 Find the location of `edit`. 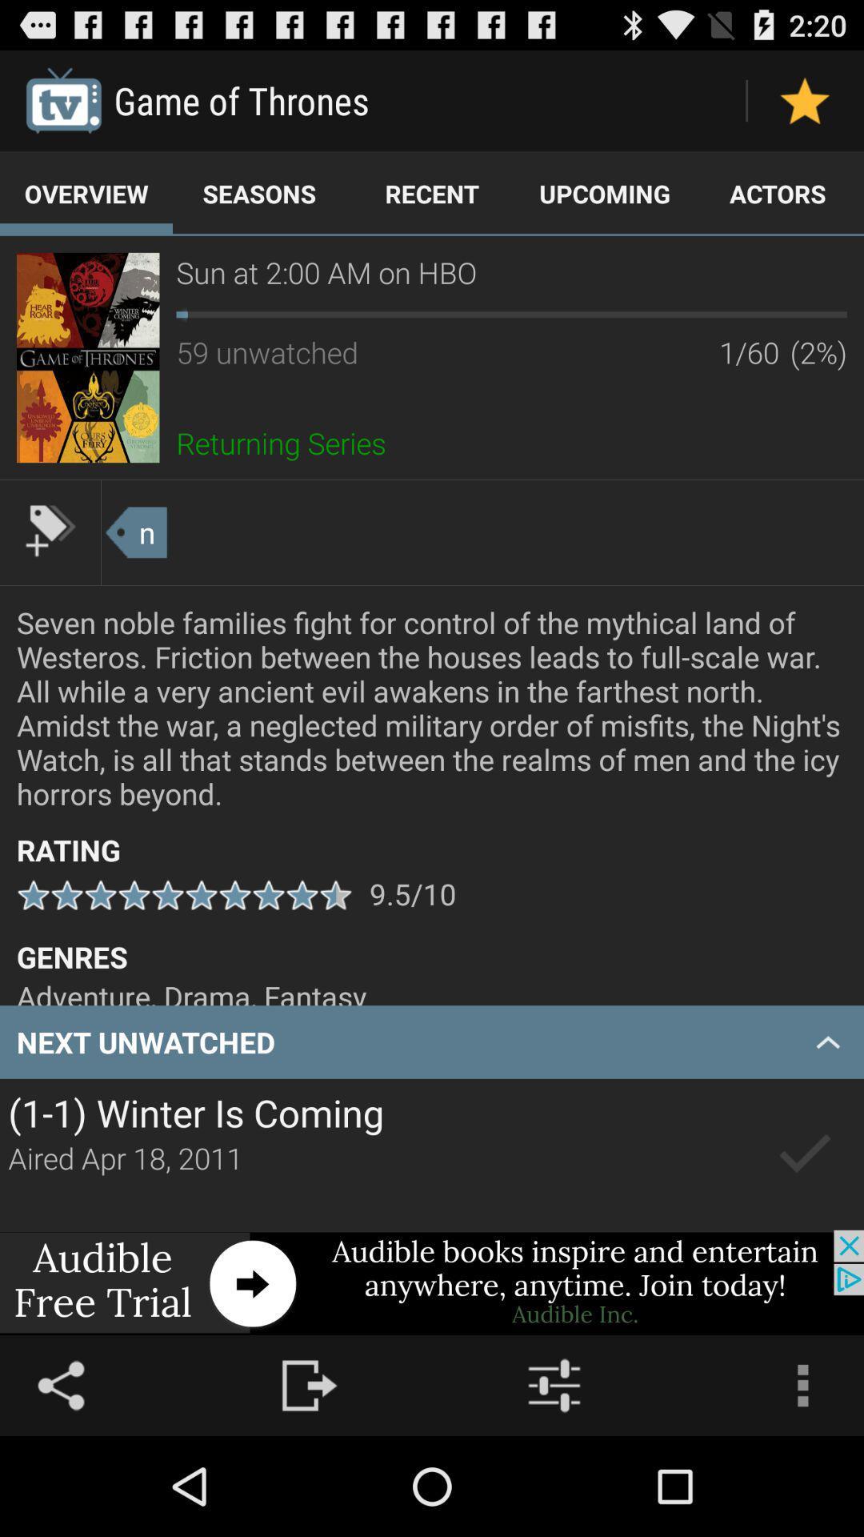

edit is located at coordinates (49, 530).